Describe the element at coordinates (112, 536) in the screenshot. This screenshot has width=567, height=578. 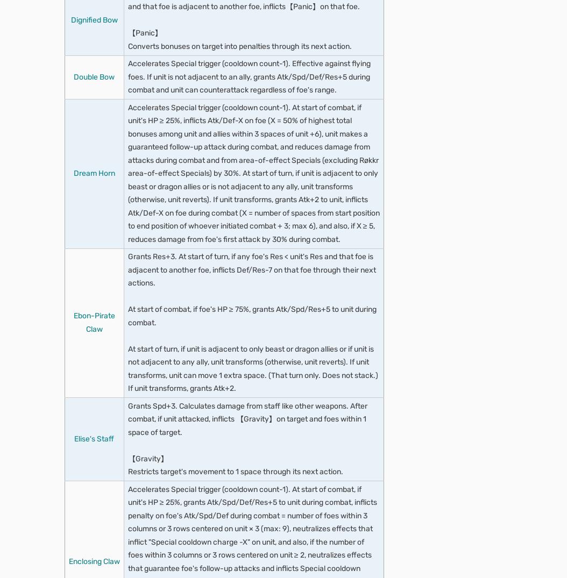
I see `'Air Orders'` at that location.